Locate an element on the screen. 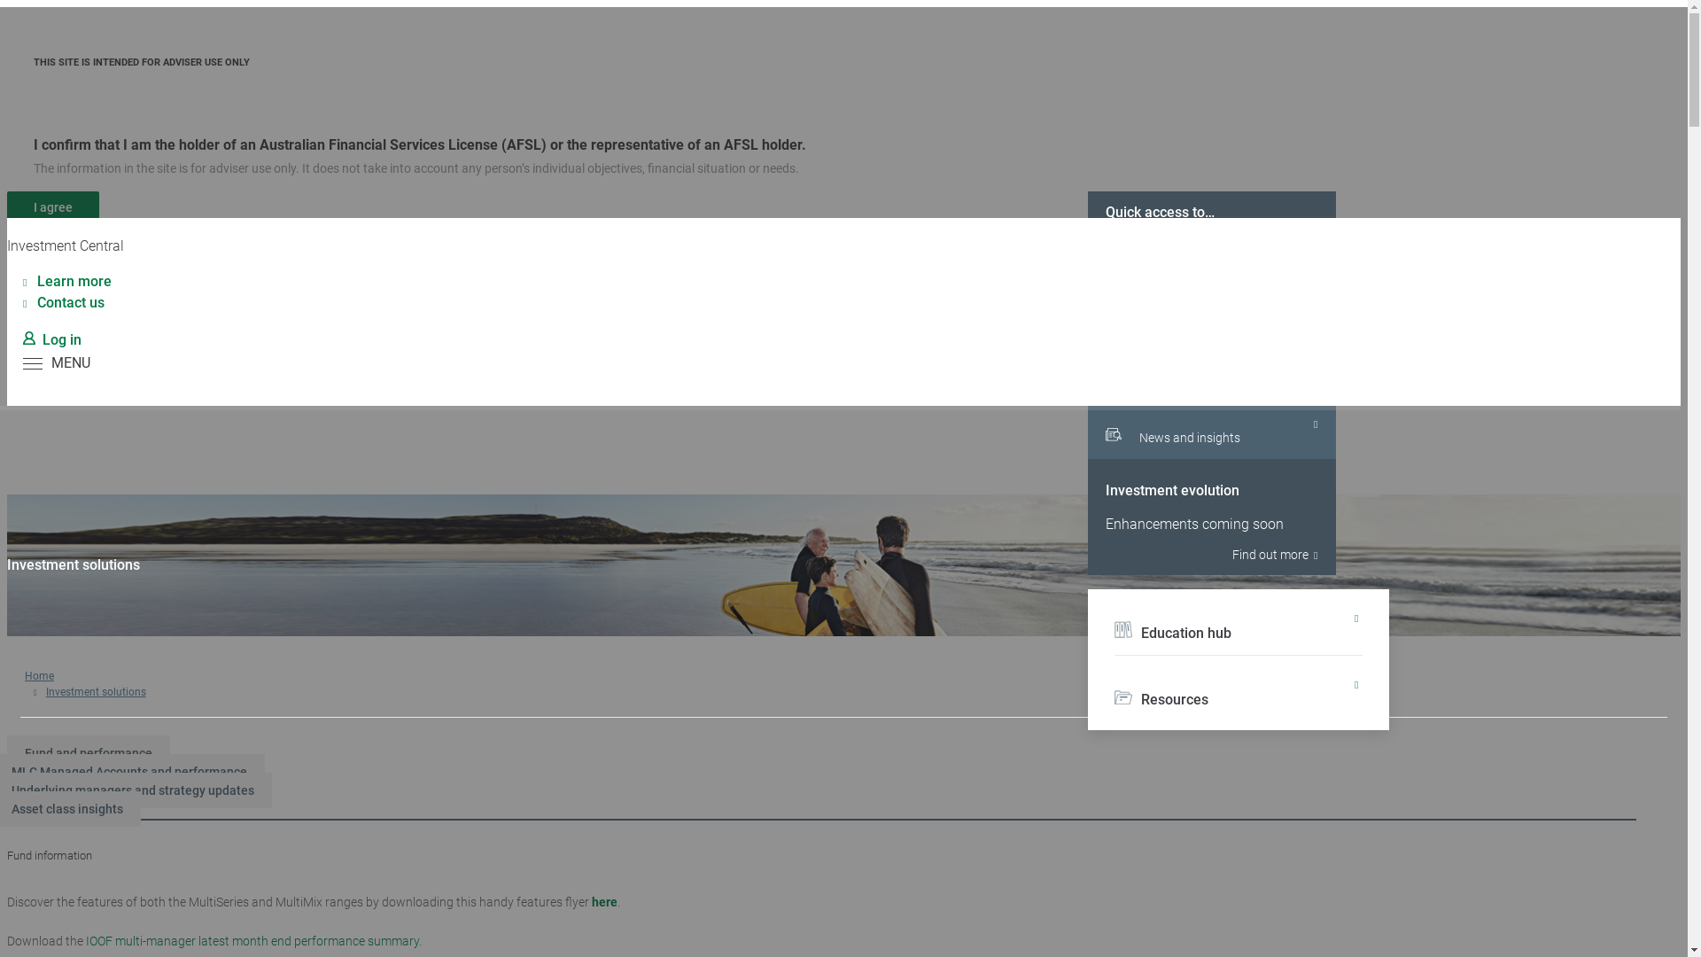 The image size is (1701, 957). 'Home' is located at coordinates (39, 676).